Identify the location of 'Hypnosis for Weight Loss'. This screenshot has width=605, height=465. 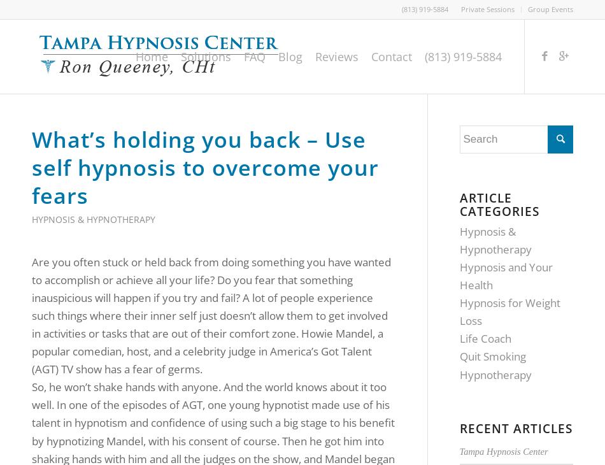
(508, 311).